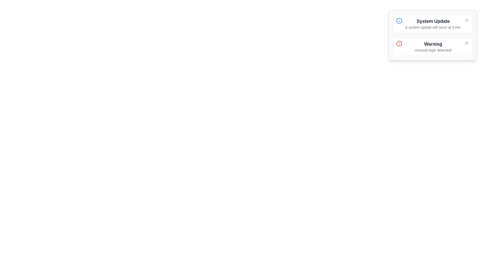  Describe the element at coordinates (399, 43) in the screenshot. I see `the warning indicator circle in the SVG component located in the second card of the notification group, which signifies an alert for unusual login activity` at that location.